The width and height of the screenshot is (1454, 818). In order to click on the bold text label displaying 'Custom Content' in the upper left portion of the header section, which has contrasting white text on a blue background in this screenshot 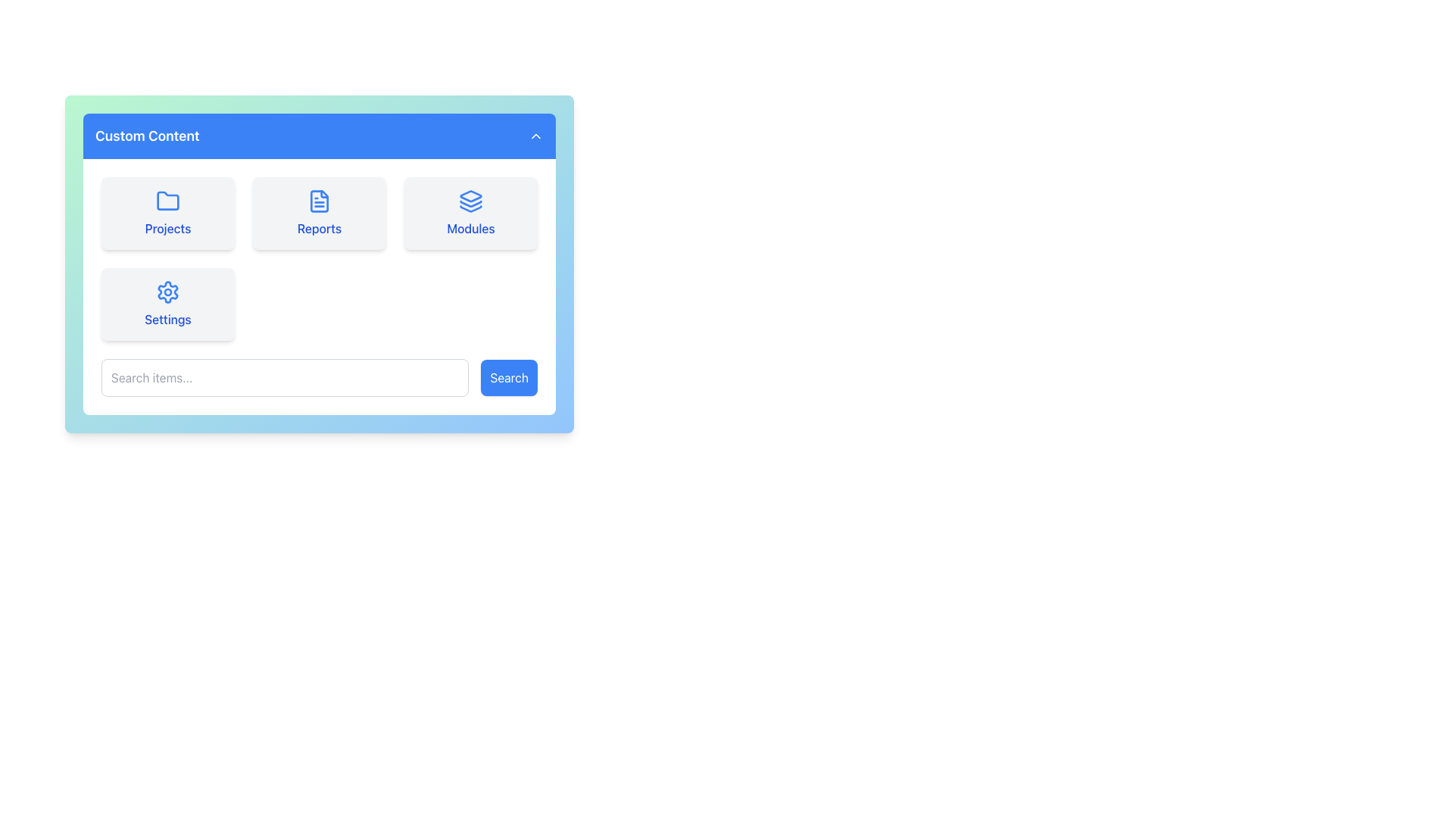, I will do `click(147, 136)`.